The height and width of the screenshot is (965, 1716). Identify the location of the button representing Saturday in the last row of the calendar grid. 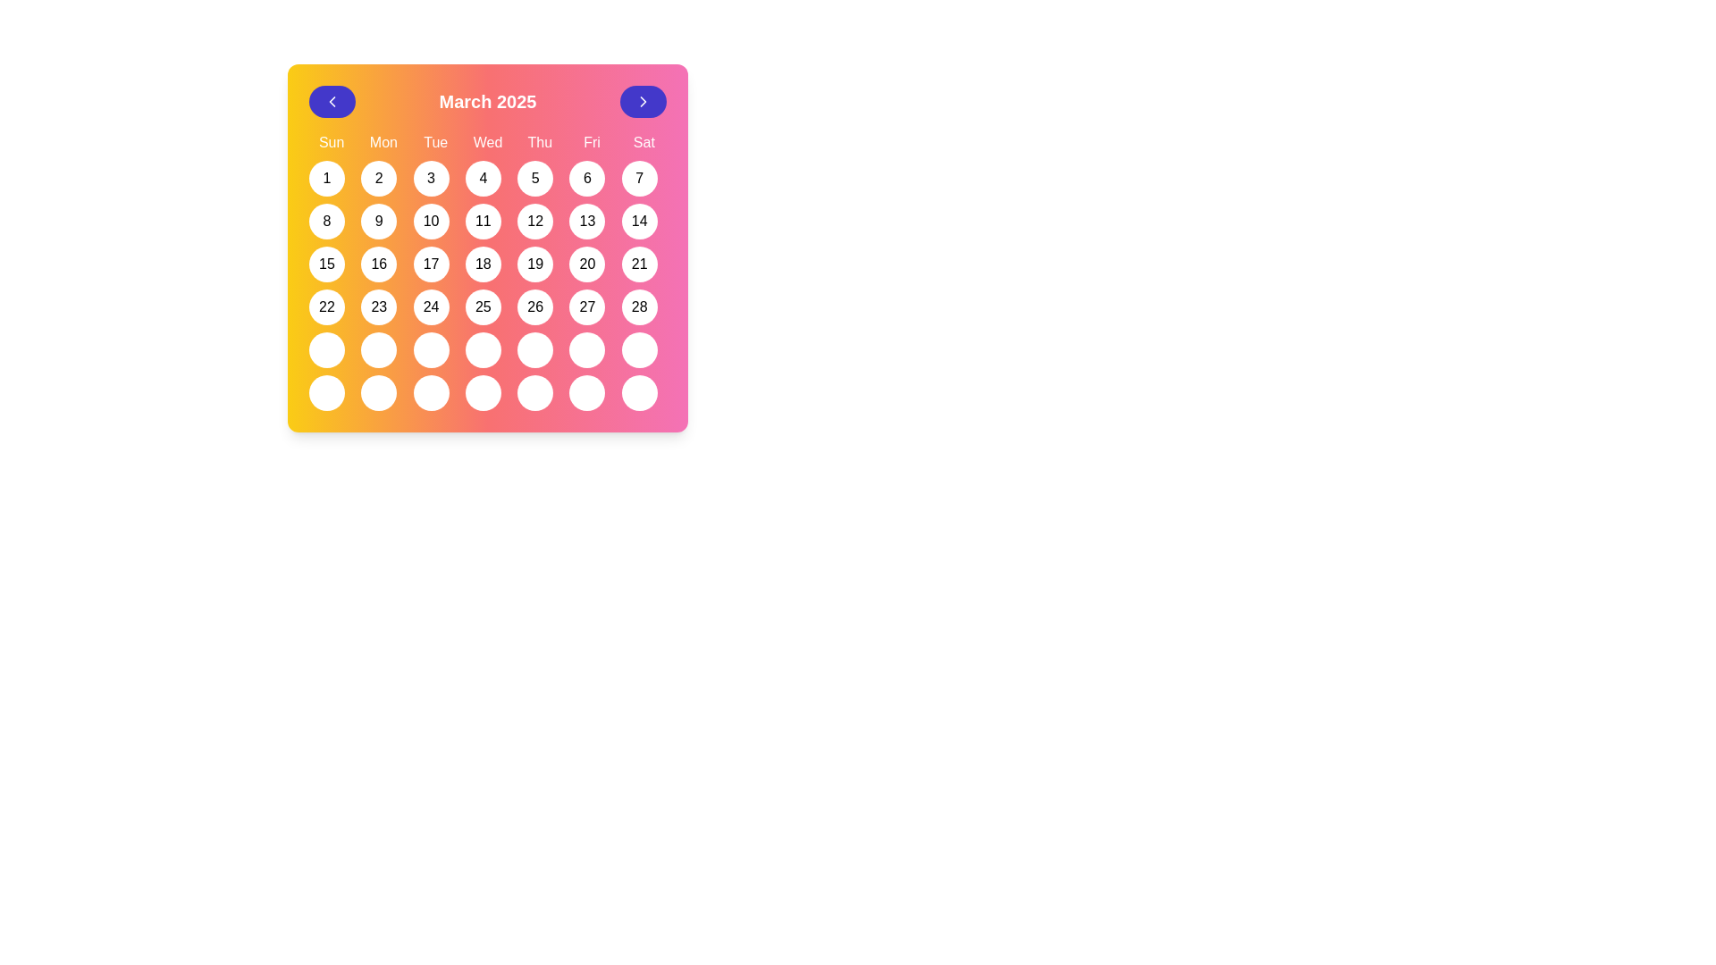
(639, 391).